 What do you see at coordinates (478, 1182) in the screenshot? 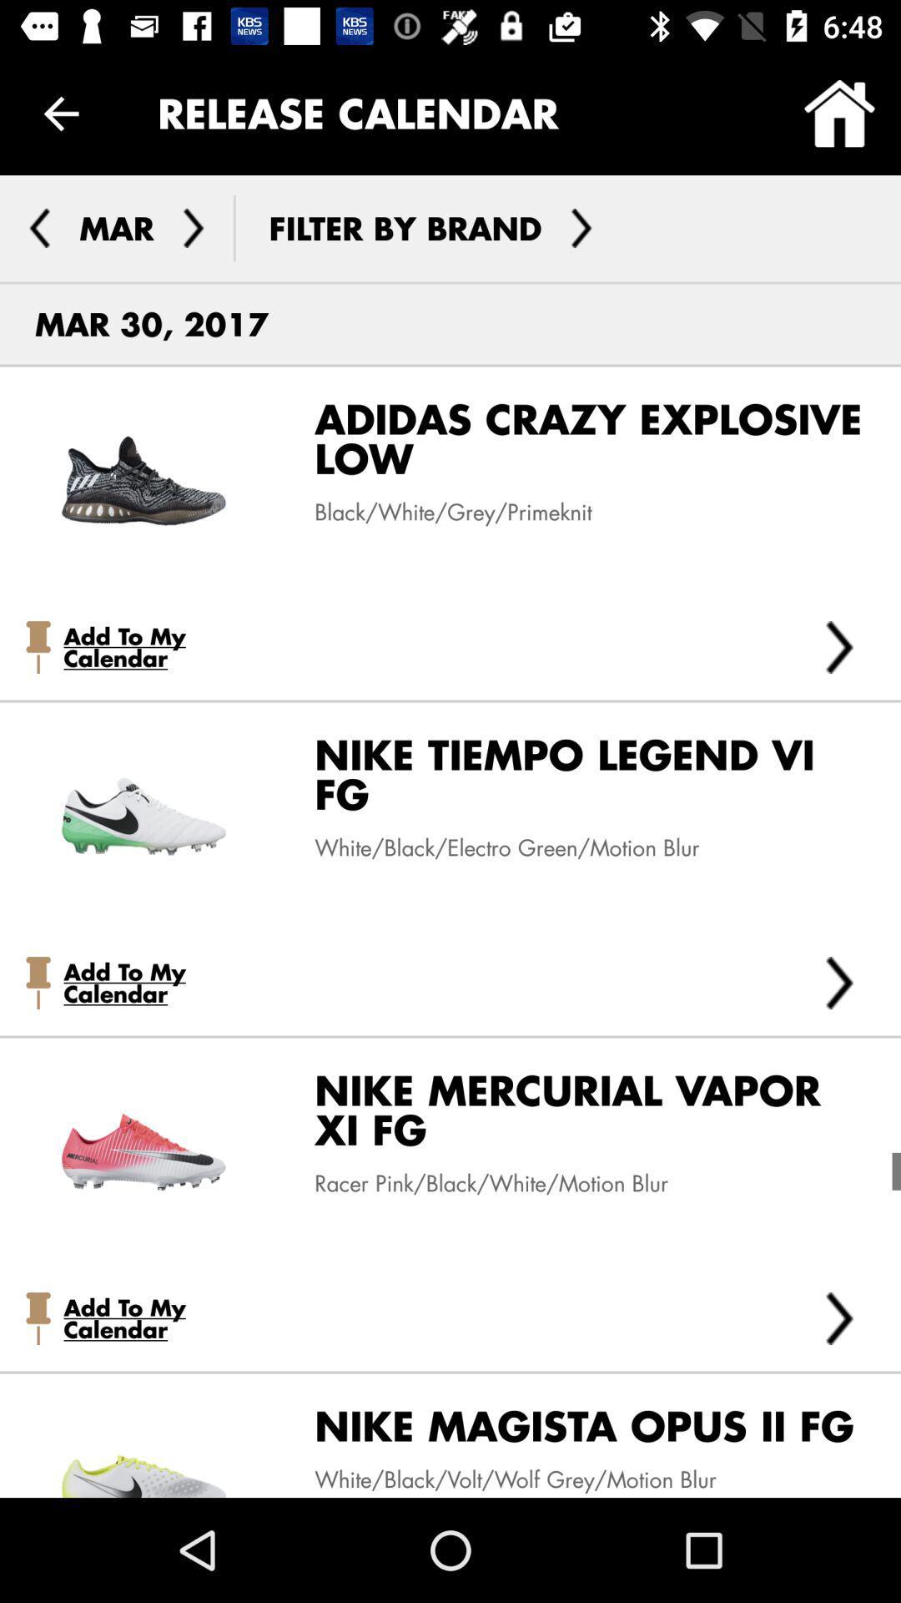
I see `icon below the nike mercurial vapor` at bounding box center [478, 1182].